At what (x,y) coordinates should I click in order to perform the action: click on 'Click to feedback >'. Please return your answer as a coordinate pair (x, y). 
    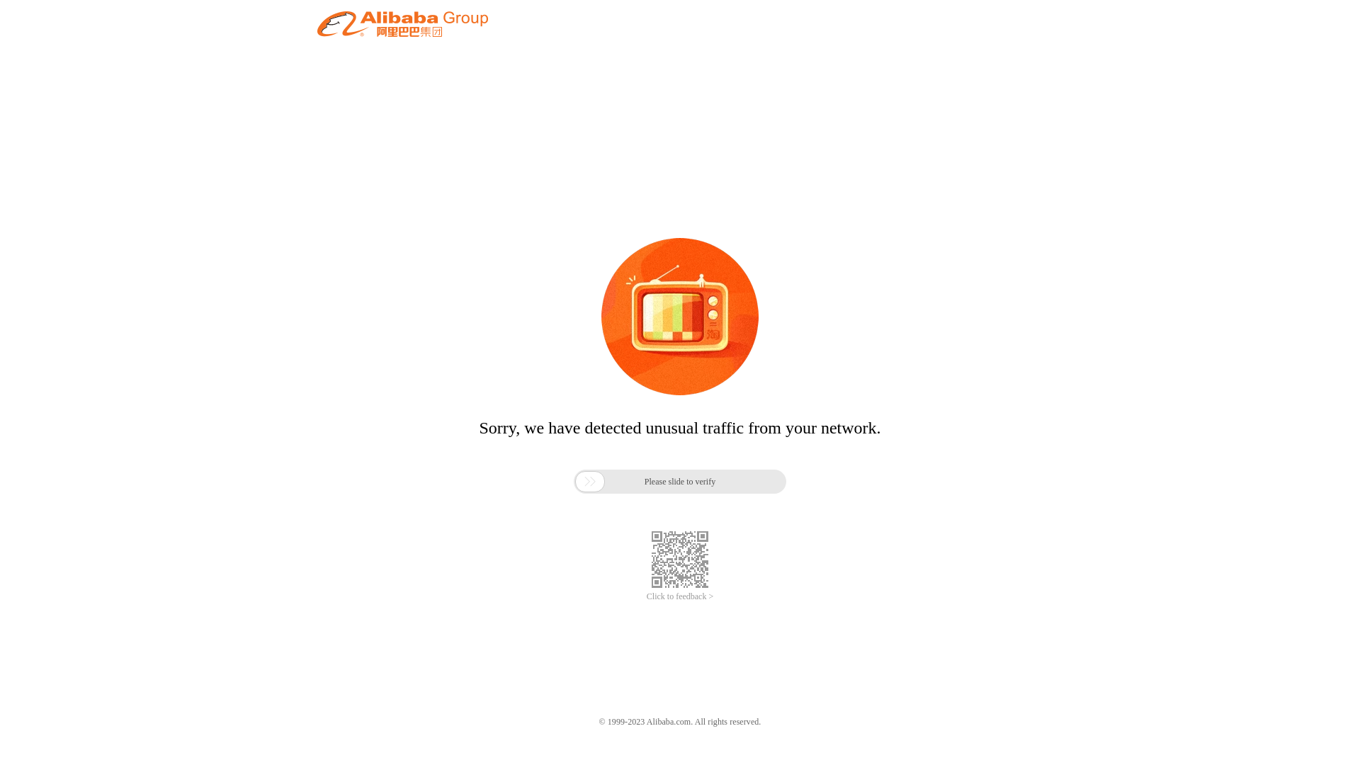
    Looking at the image, I should click on (680, 596).